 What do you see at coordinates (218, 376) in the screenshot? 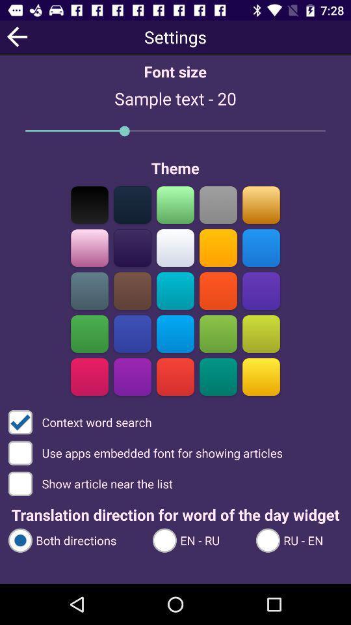
I see `turquoise theme` at bounding box center [218, 376].